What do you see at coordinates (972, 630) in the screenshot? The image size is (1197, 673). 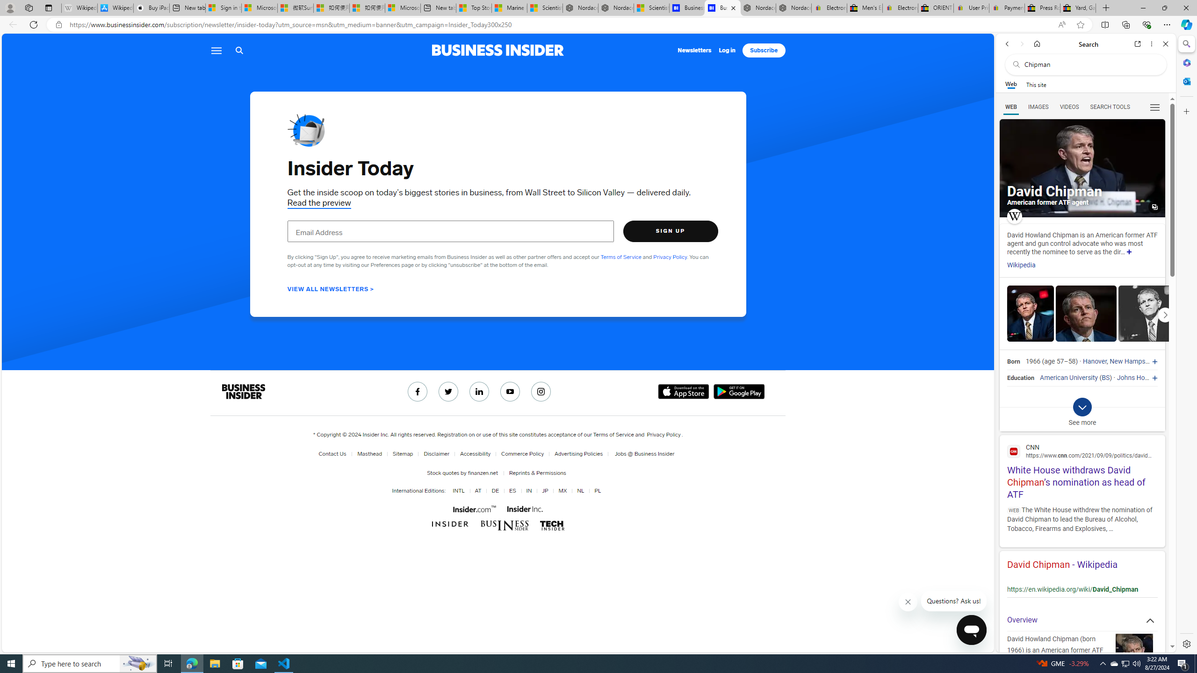 I see `'Class: sc-1k07fow-1 cbnSms'` at bounding box center [972, 630].